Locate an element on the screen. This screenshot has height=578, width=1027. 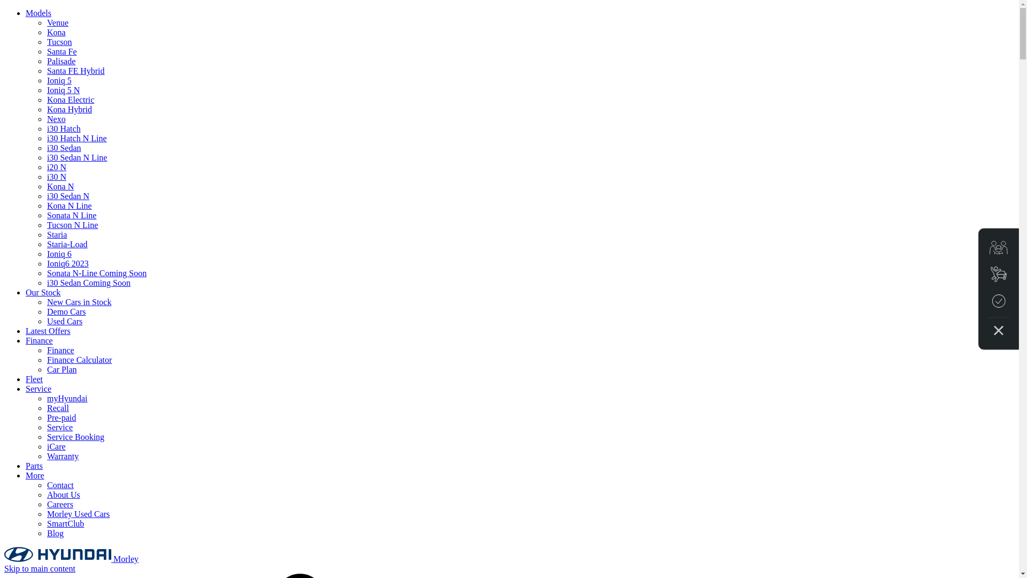
'Venue' is located at coordinates (57, 22).